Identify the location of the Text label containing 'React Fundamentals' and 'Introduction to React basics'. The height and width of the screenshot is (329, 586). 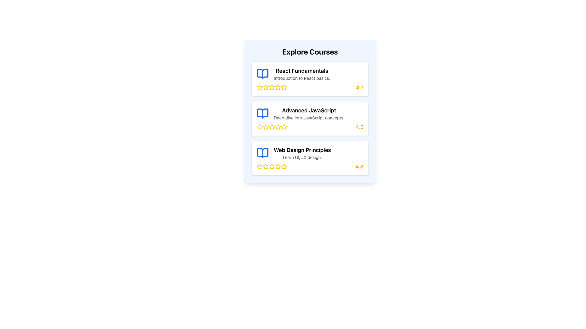
(302, 74).